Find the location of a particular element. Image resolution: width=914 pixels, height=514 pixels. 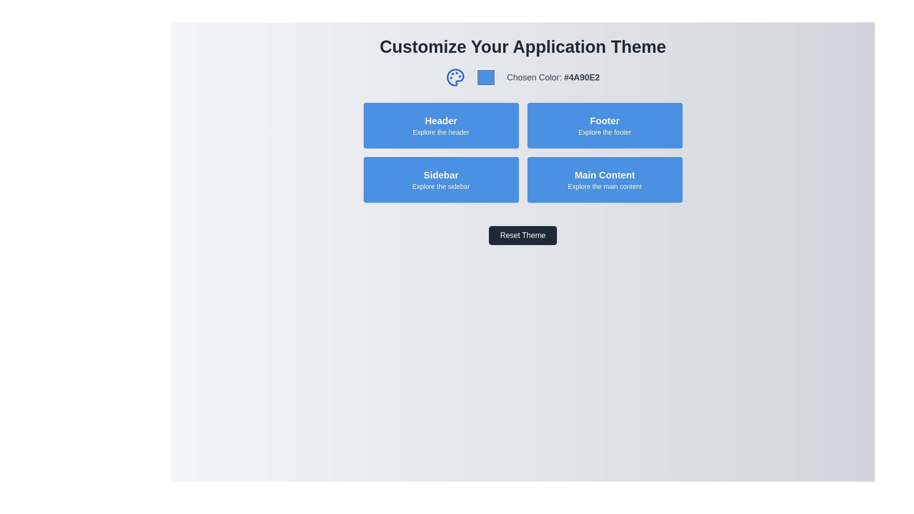

the 'Reset Theme' button, which is a rectangular button with a dark gray background and white text, located beneath four blue buttons labeled 'Header', 'Footer', 'Sidebar', and 'Main Content' is located at coordinates (522, 235).